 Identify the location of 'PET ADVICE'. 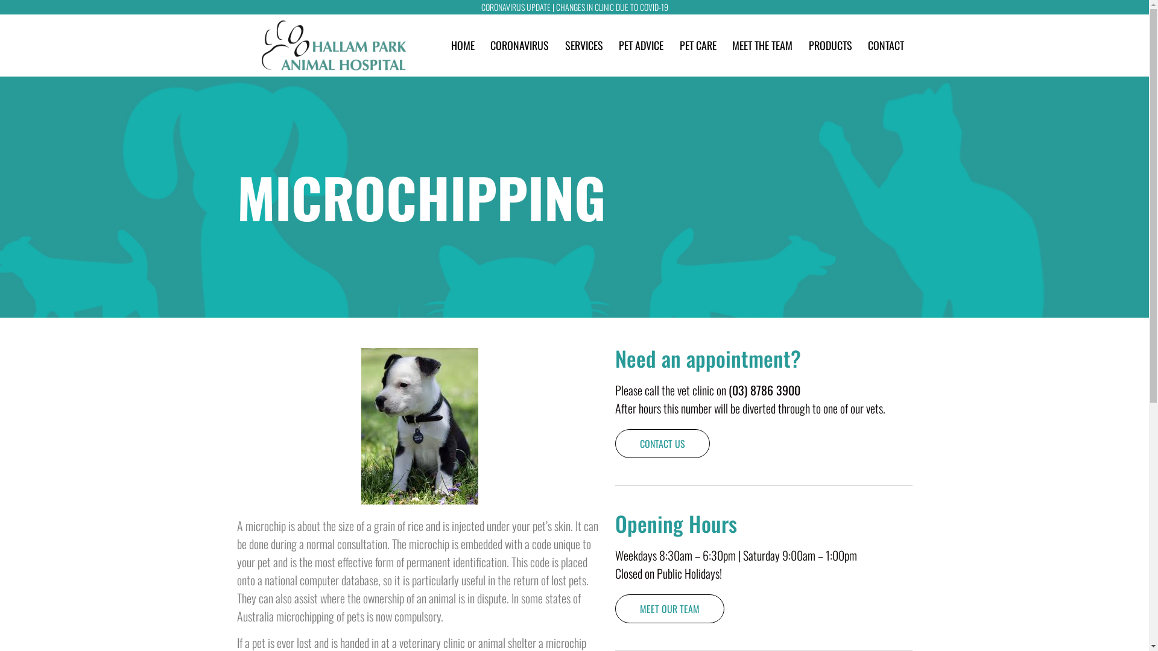
(640, 44).